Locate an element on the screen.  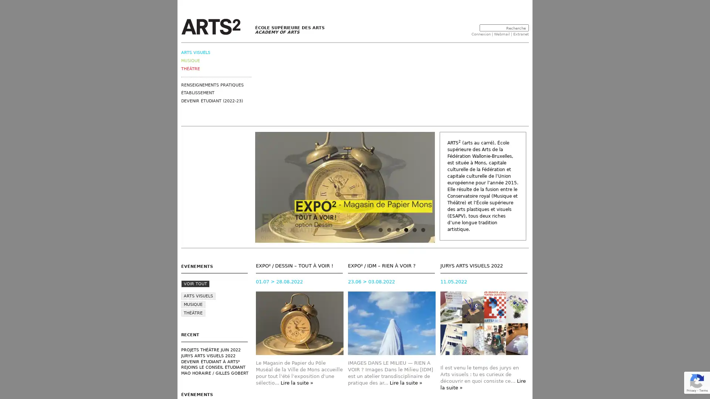
THEATRE is located at coordinates (193, 313).